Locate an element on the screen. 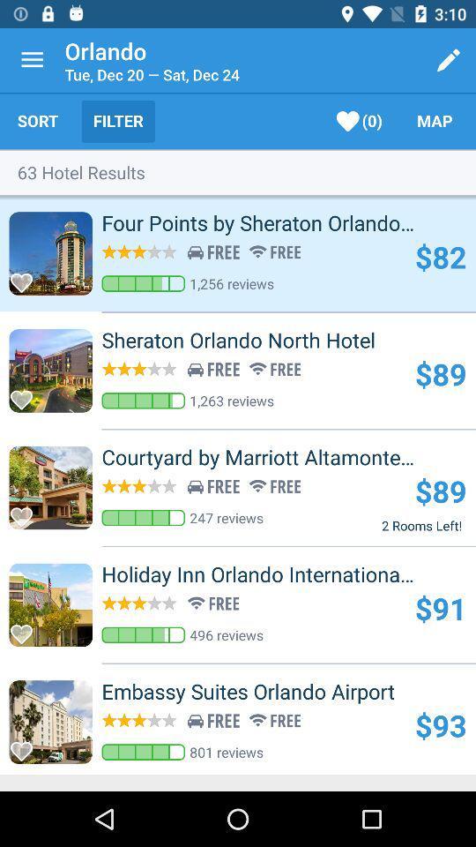 This screenshot has height=847, width=476. the item above the embassy suites orlando is located at coordinates (227, 634).